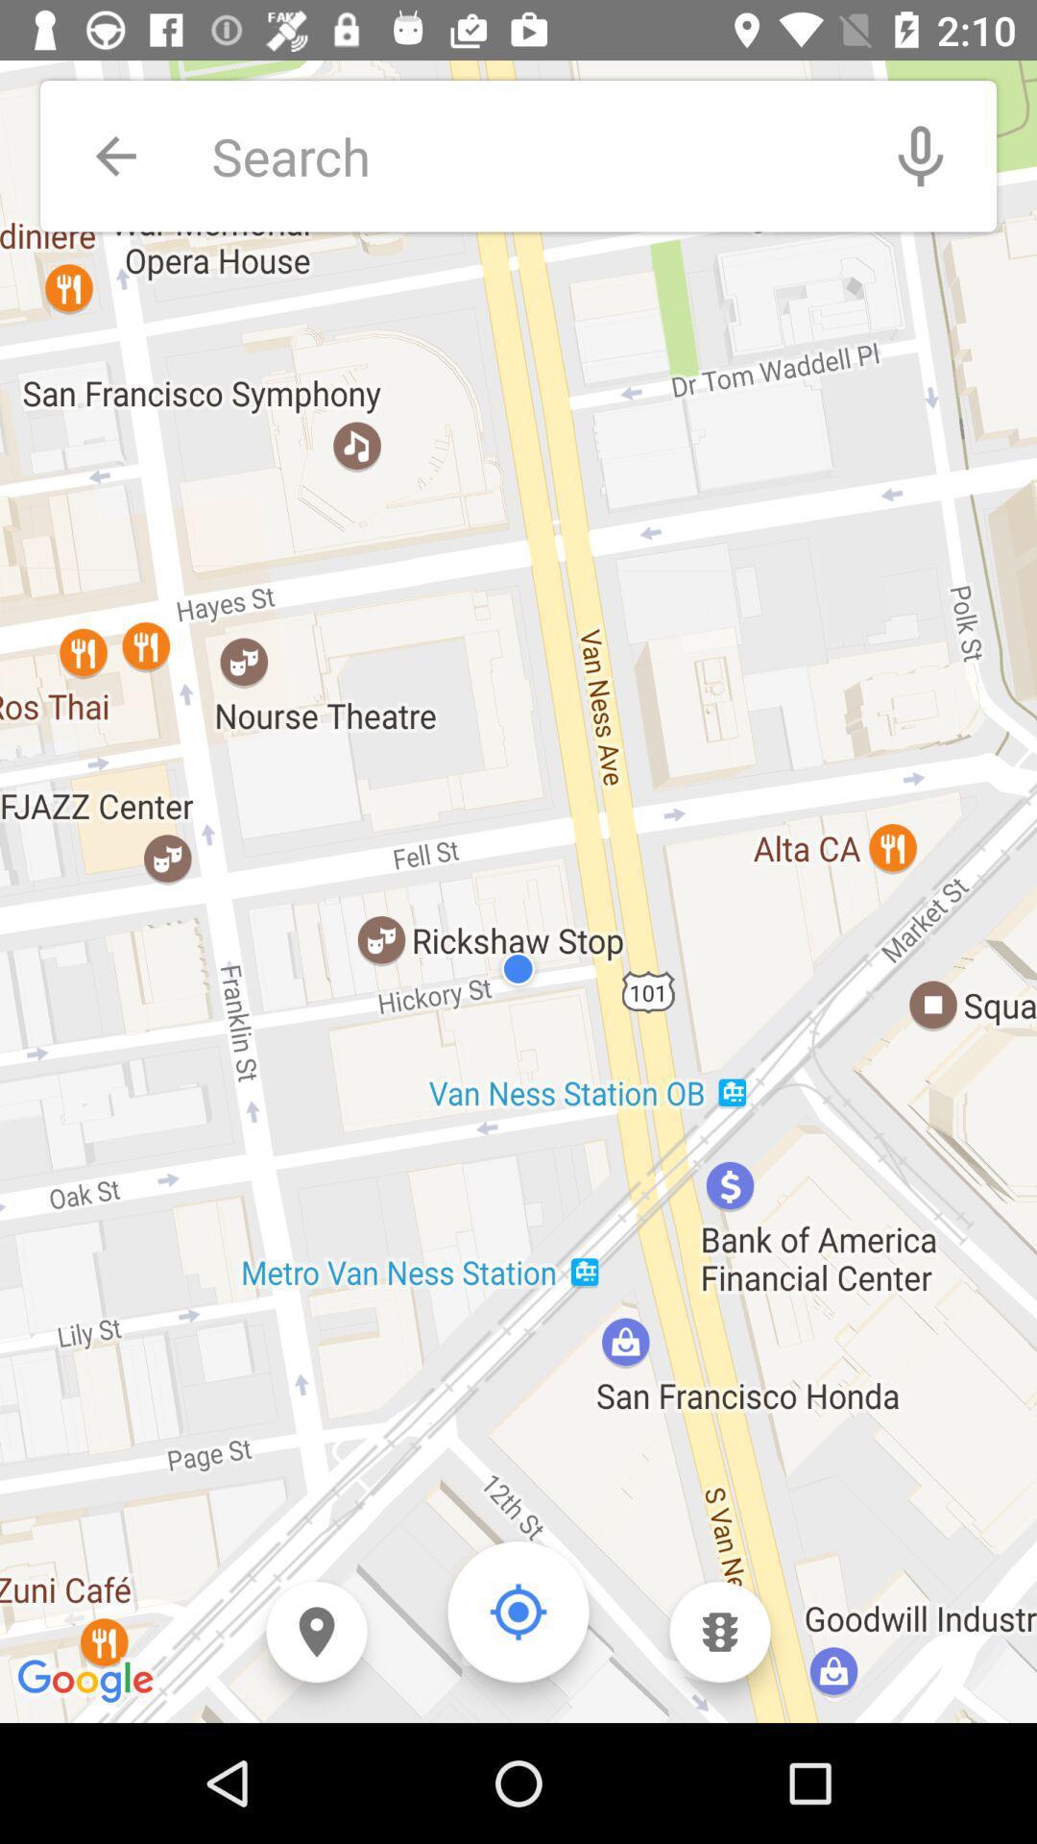 This screenshot has height=1844, width=1037. I want to click on activate microphone to search, so click(920, 156).